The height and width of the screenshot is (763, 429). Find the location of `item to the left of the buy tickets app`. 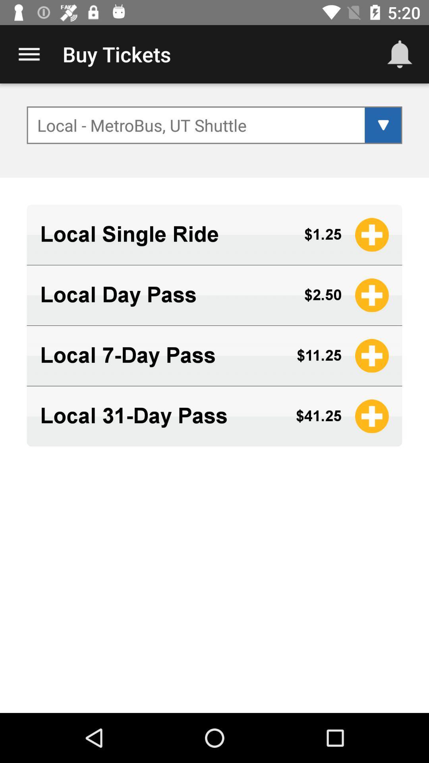

item to the left of the buy tickets app is located at coordinates (29, 54).